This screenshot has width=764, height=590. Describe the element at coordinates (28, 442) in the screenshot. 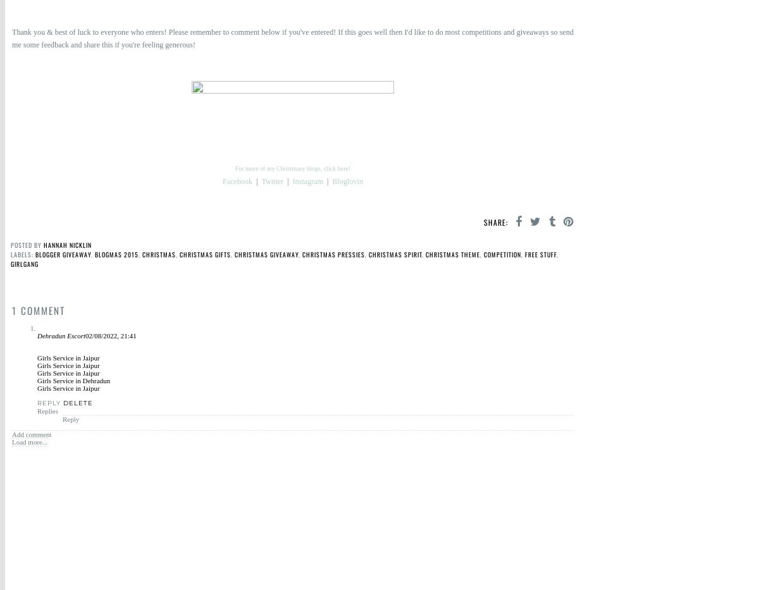

I see `'Load more...'` at that location.